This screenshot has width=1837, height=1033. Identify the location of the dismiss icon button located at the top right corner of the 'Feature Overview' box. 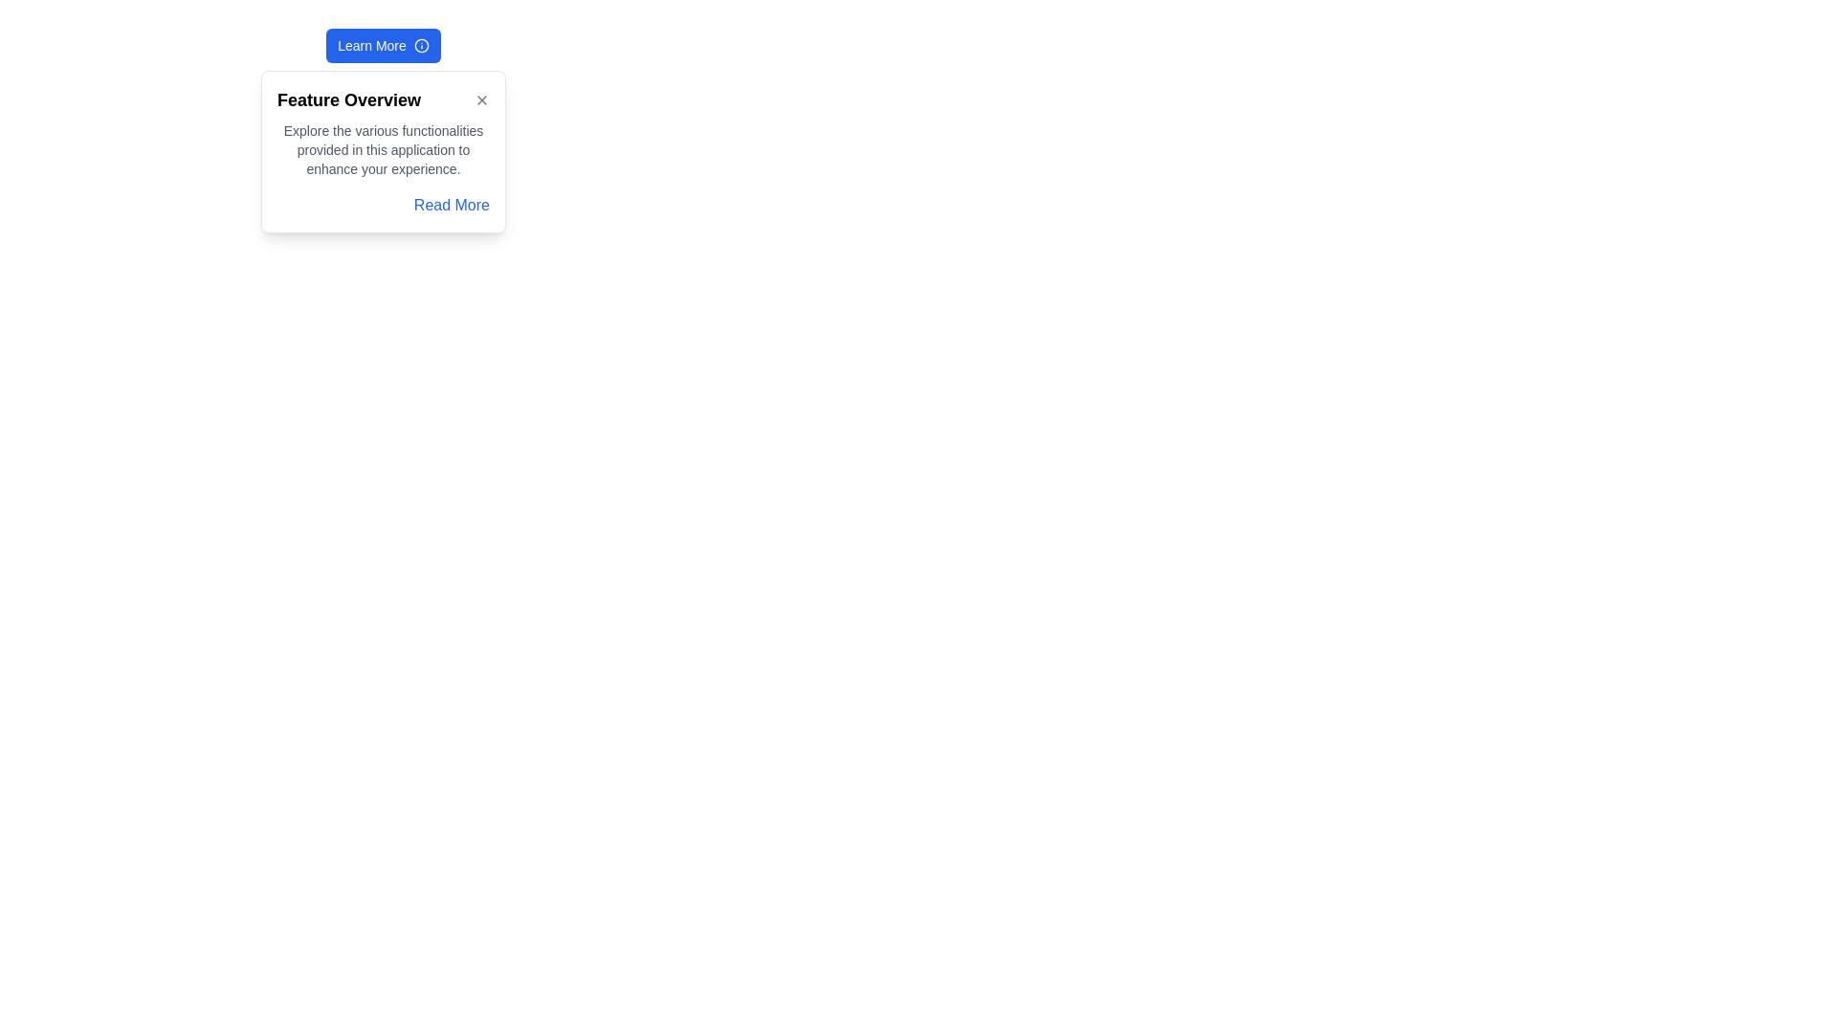
(482, 99).